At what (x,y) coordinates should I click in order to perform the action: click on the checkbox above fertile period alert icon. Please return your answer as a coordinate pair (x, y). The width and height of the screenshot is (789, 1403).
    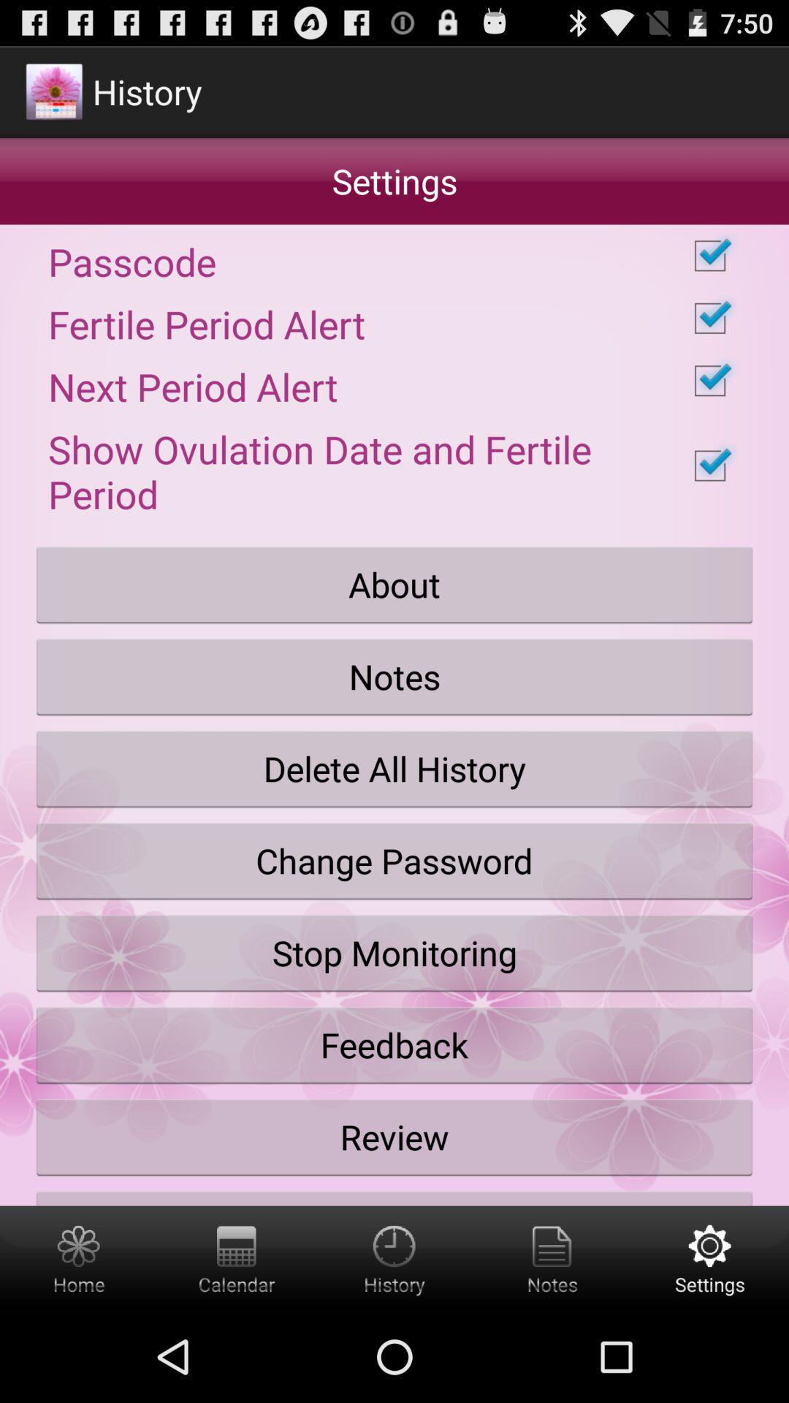
    Looking at the image, I should click on (394, 256).